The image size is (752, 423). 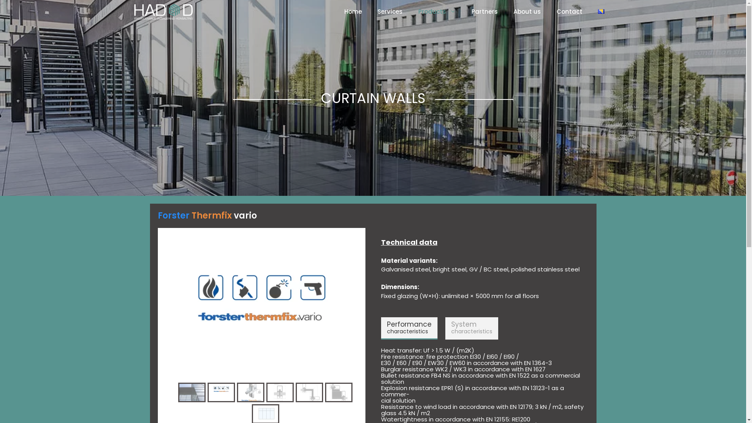 What do you see at coordinates (569, 12) in the screenshot?
I see `'Contact'` at bounding box center [569, 12].